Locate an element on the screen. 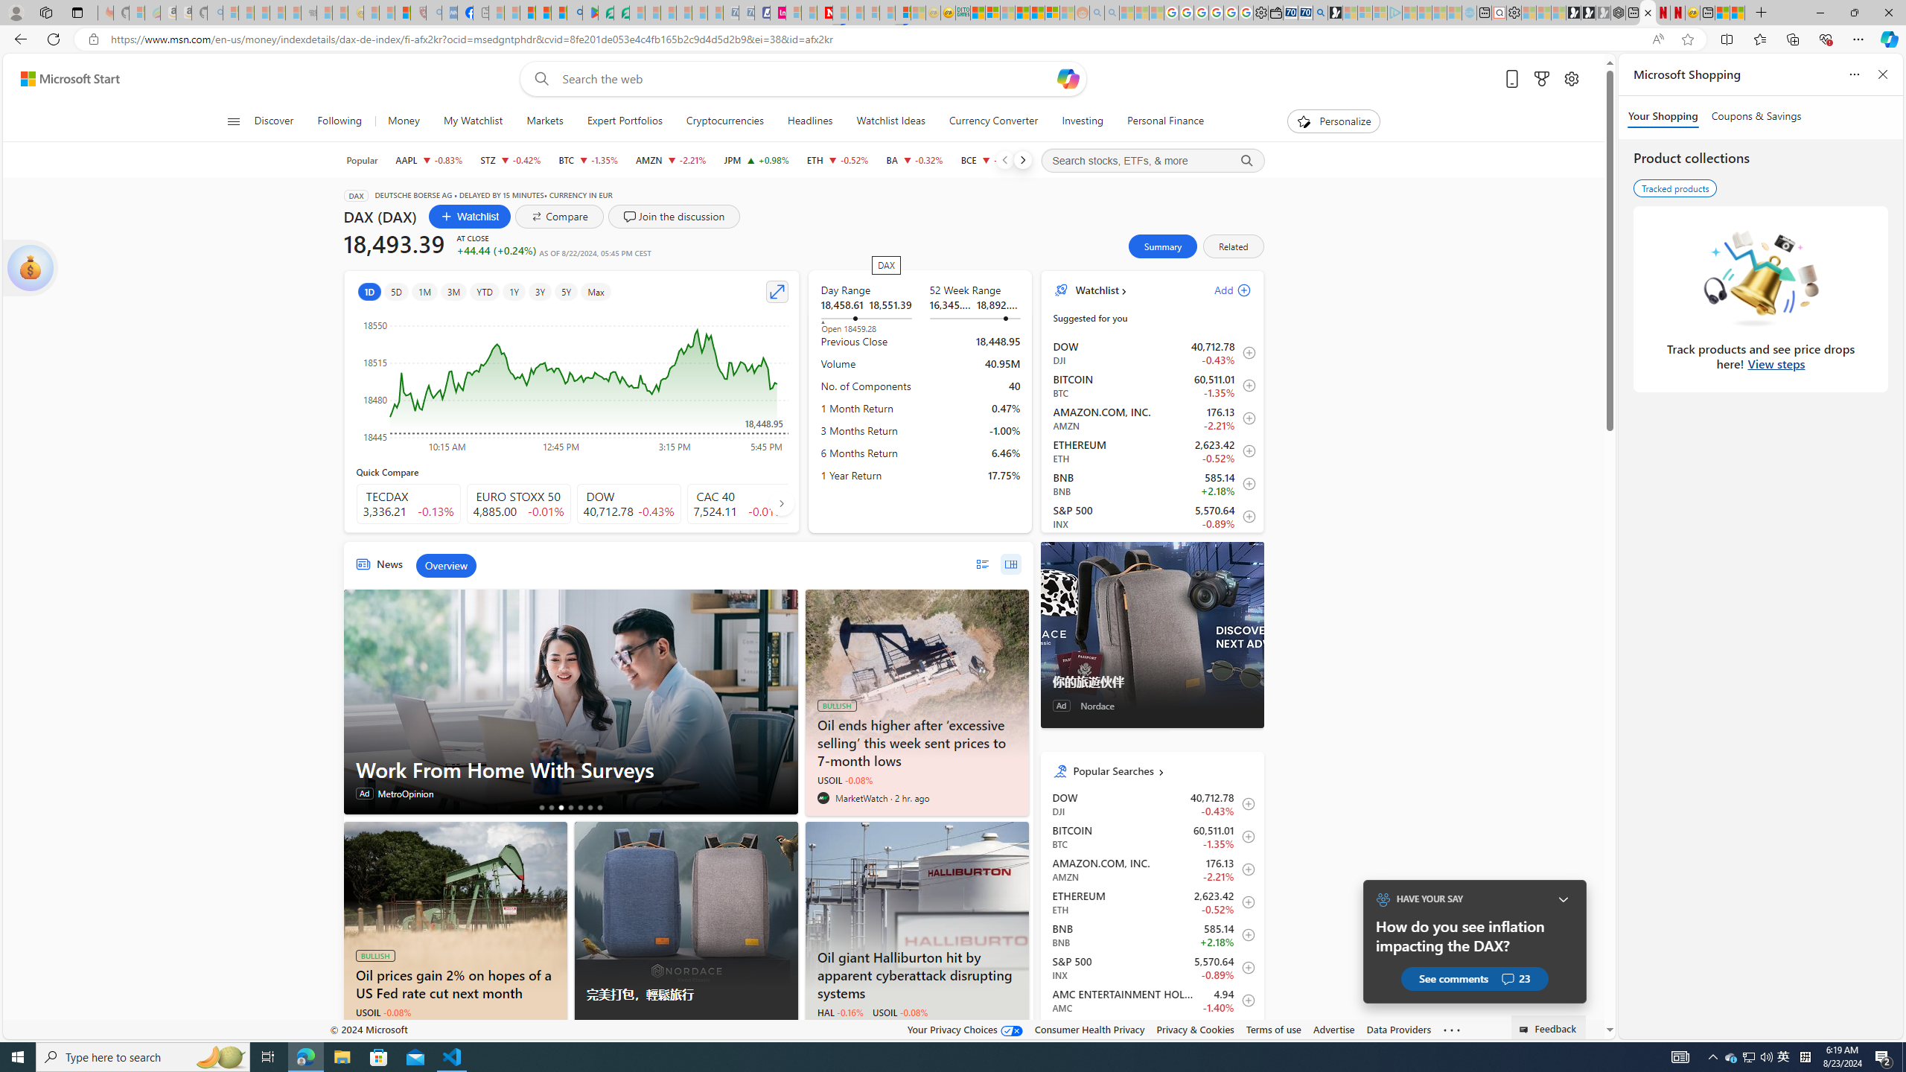 The width and height of the screenshot is (1906, 1072). 'BA THE BOEING COMPANY decrease 172.87 -0.56 -0.32%' is located at coordinates (914, 159).